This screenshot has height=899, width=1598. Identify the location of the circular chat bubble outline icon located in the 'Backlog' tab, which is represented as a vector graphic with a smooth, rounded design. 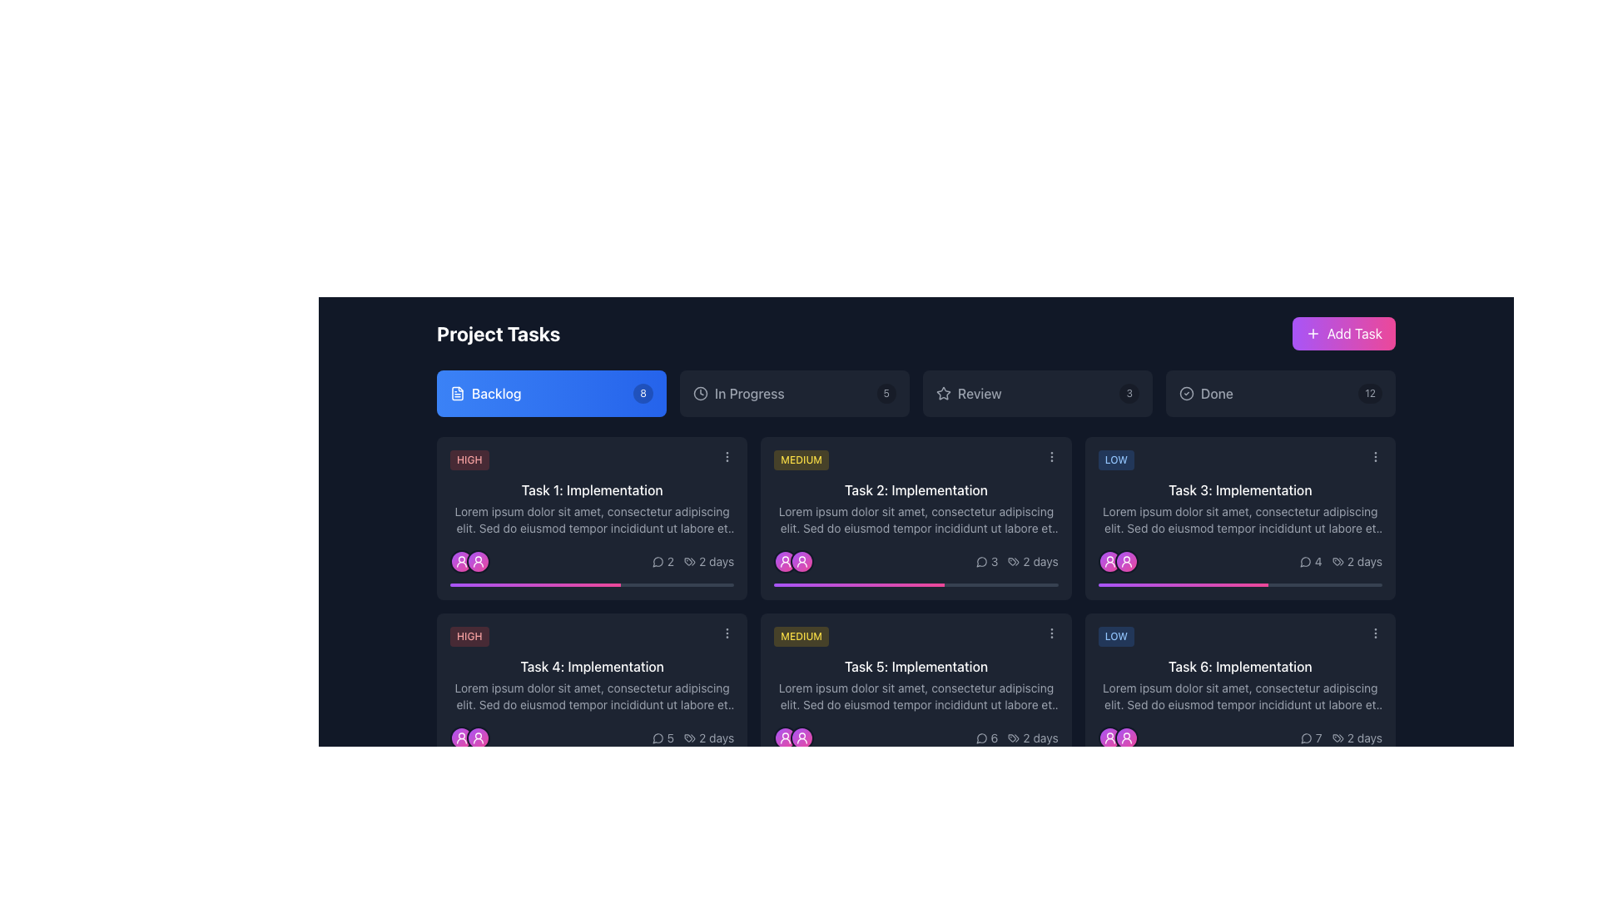
(657, 562).